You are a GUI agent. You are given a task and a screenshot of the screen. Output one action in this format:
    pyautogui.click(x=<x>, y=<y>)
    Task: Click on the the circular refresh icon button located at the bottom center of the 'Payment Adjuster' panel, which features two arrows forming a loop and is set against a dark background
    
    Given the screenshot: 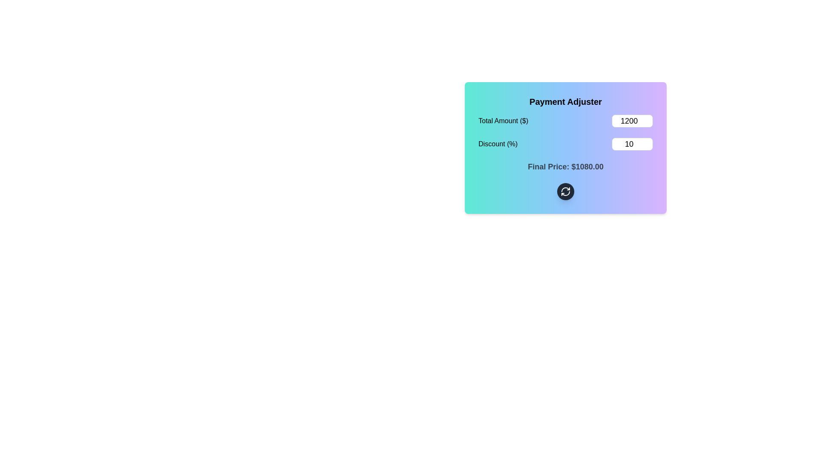 What is the action you would take?
    pyautogui.click(x=566, y=191)
    